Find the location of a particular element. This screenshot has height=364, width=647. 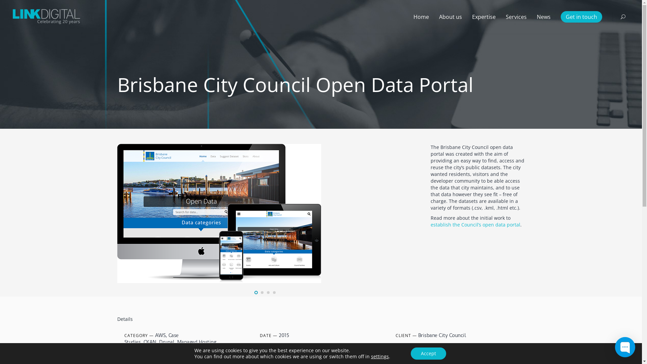

'News' is located at coordinates (544, 17).